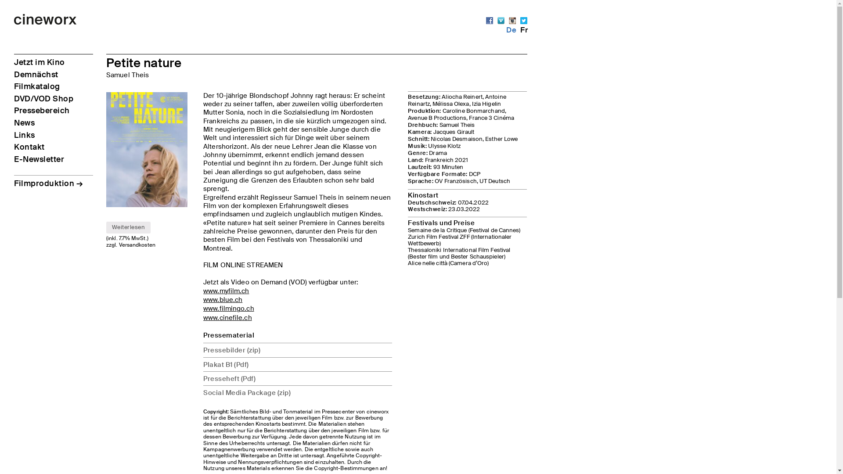  What do you see at coordinates (297, 349) in the screenshot?
I see `'Pressebilder (zip)'` at bounding box center [297, 349].